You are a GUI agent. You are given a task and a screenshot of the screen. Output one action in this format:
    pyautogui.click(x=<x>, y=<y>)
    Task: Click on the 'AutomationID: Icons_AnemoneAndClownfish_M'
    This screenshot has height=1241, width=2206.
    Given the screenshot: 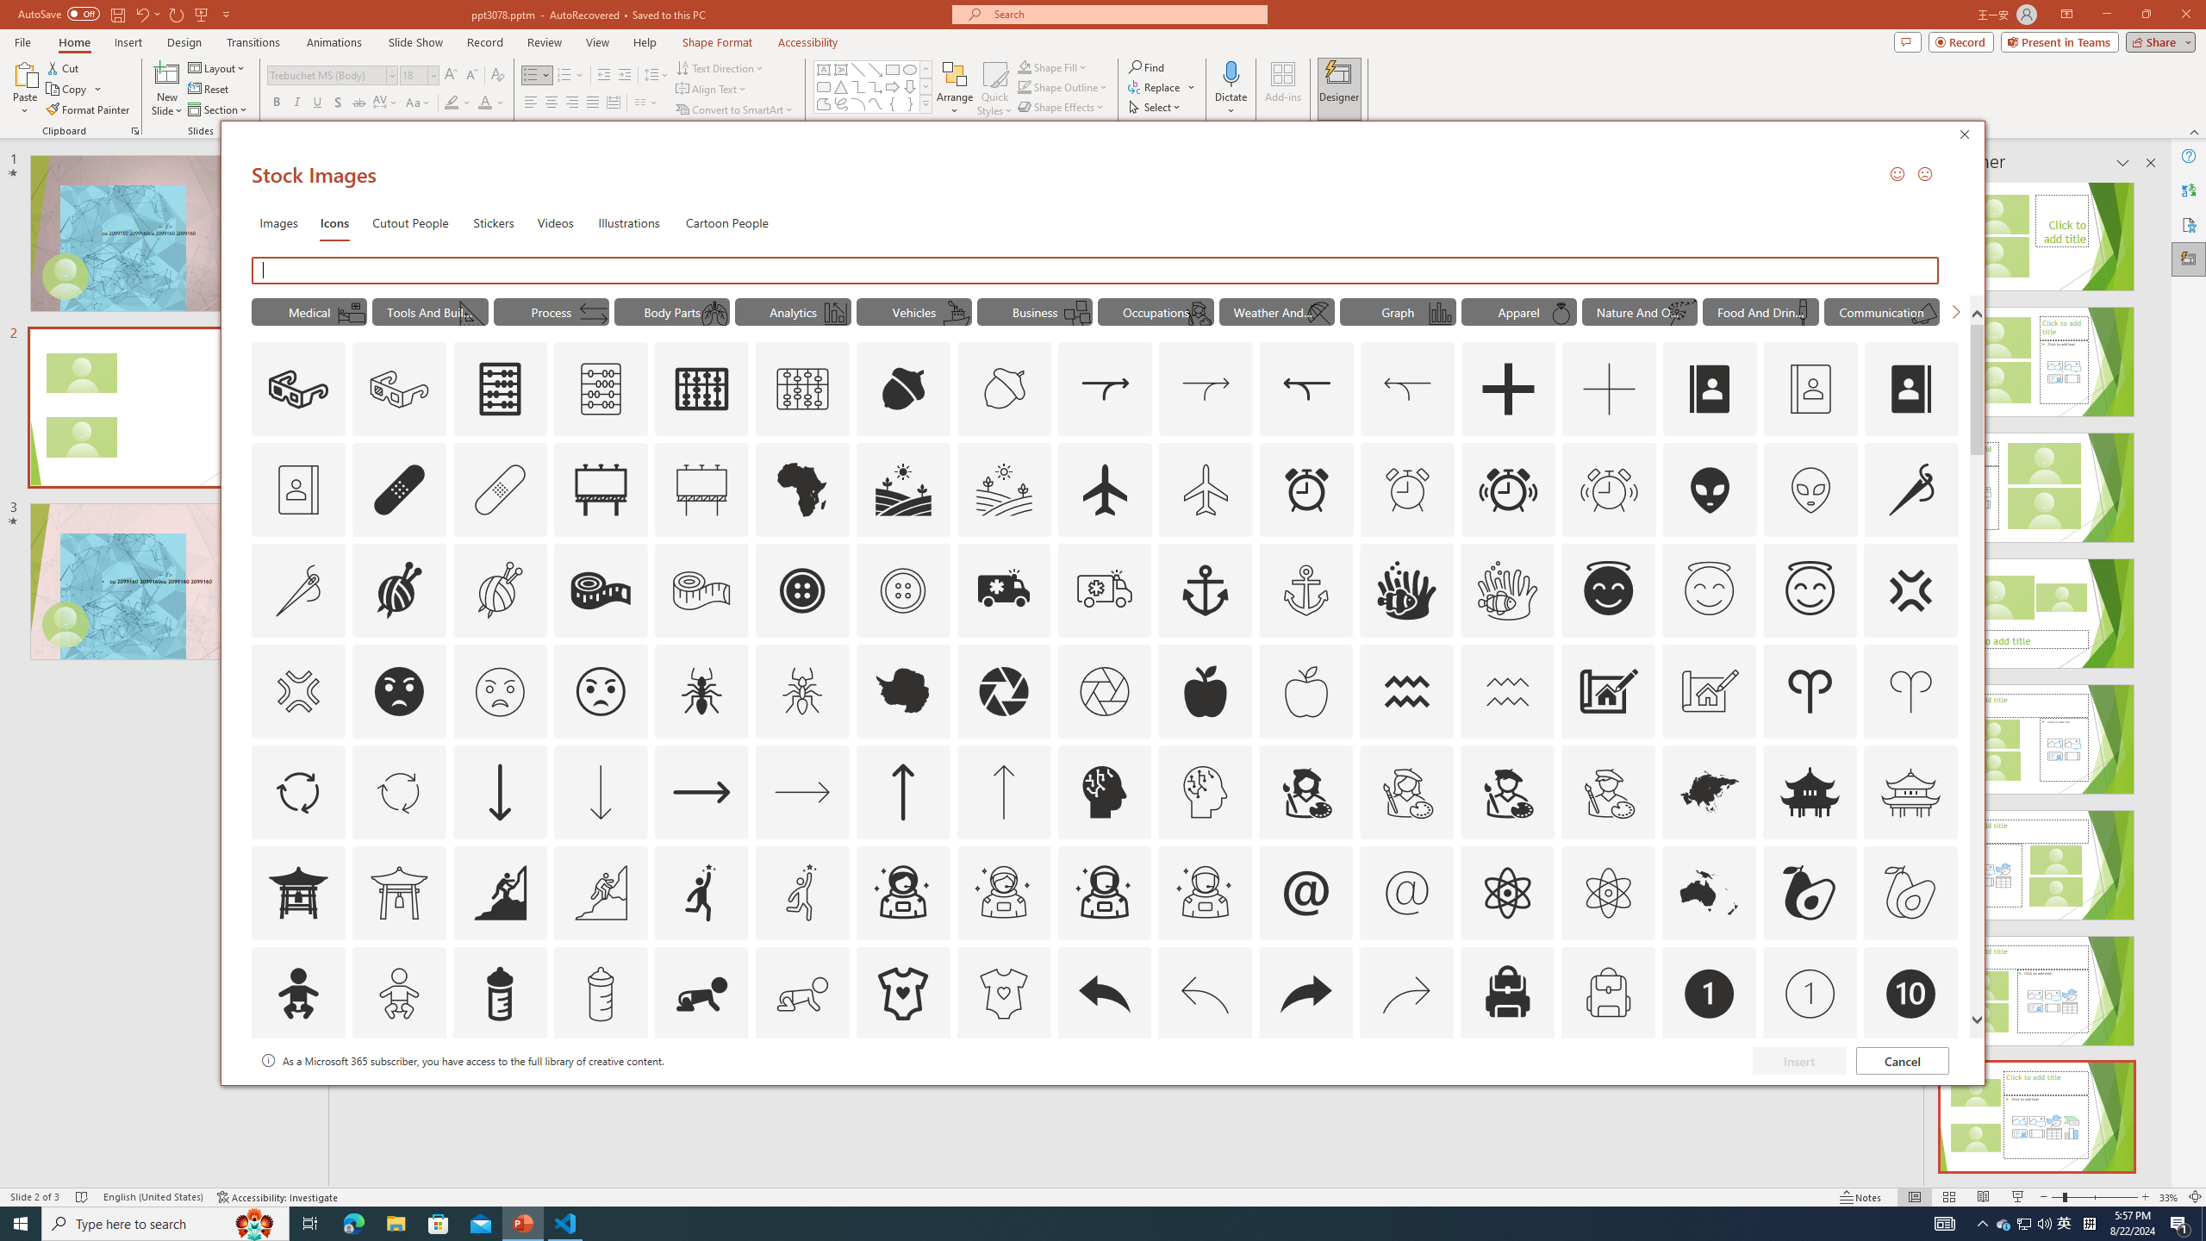 What is the action you would take?
    pyautogui.click(x=1508, y=590)
    